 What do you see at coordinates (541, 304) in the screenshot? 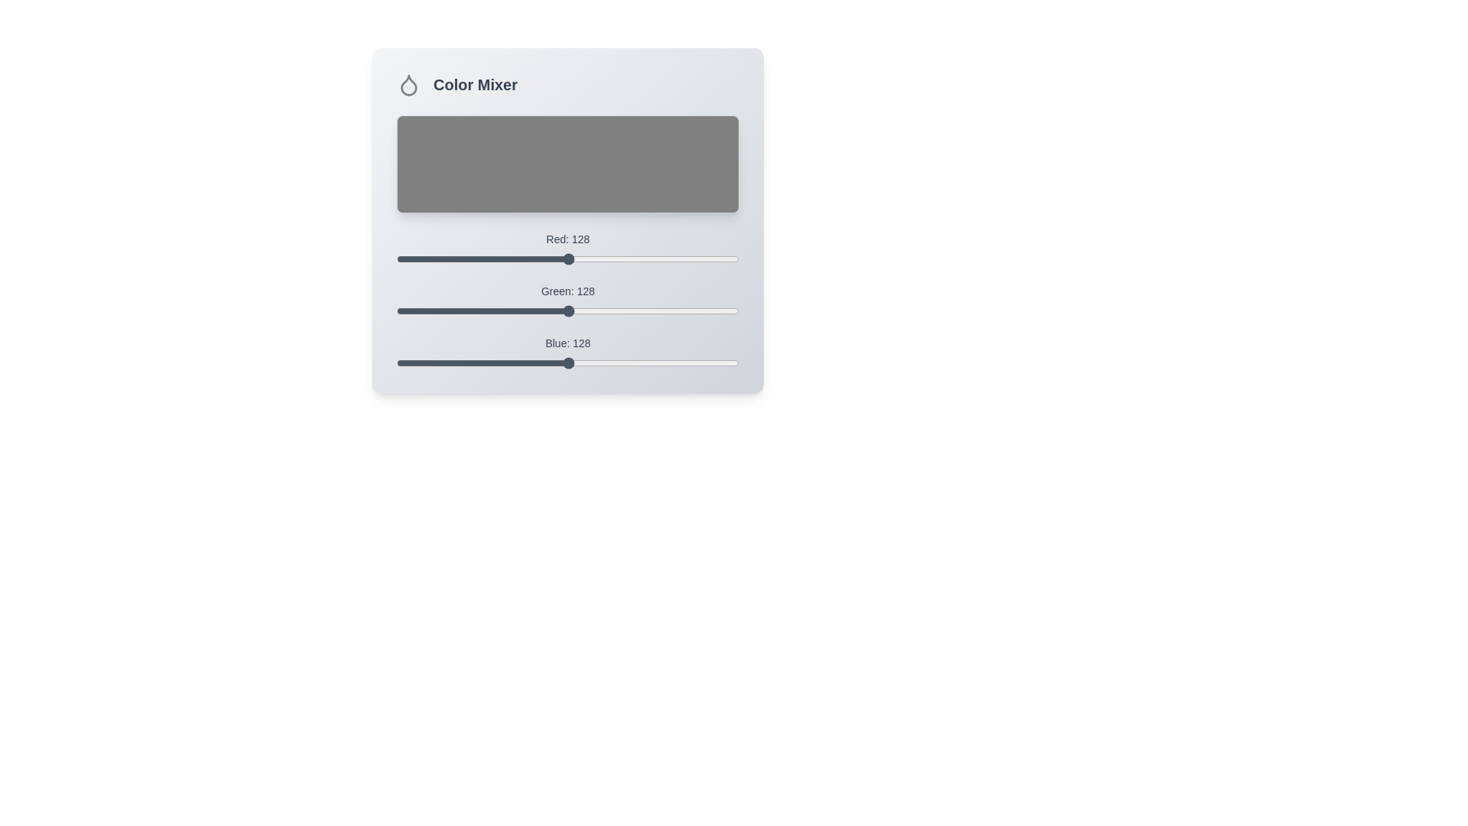
I see `the 1 slider to 108` at bounding box center [541, 304].